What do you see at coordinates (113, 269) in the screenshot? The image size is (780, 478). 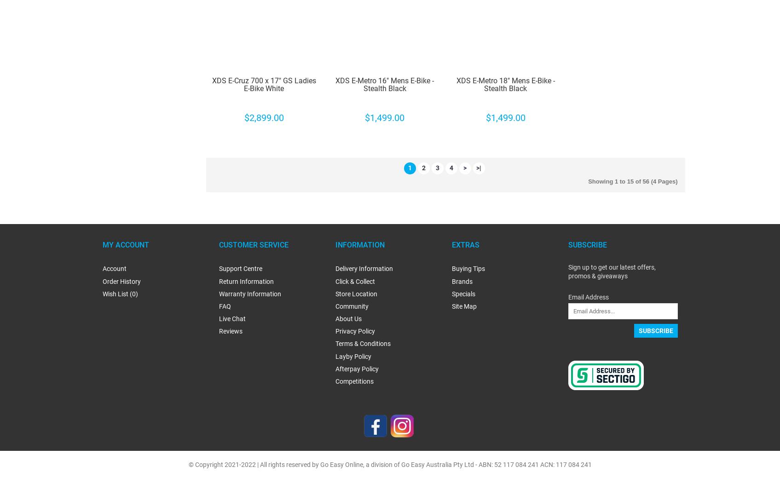 I see `'Account'` at bounding box center [113, 269].